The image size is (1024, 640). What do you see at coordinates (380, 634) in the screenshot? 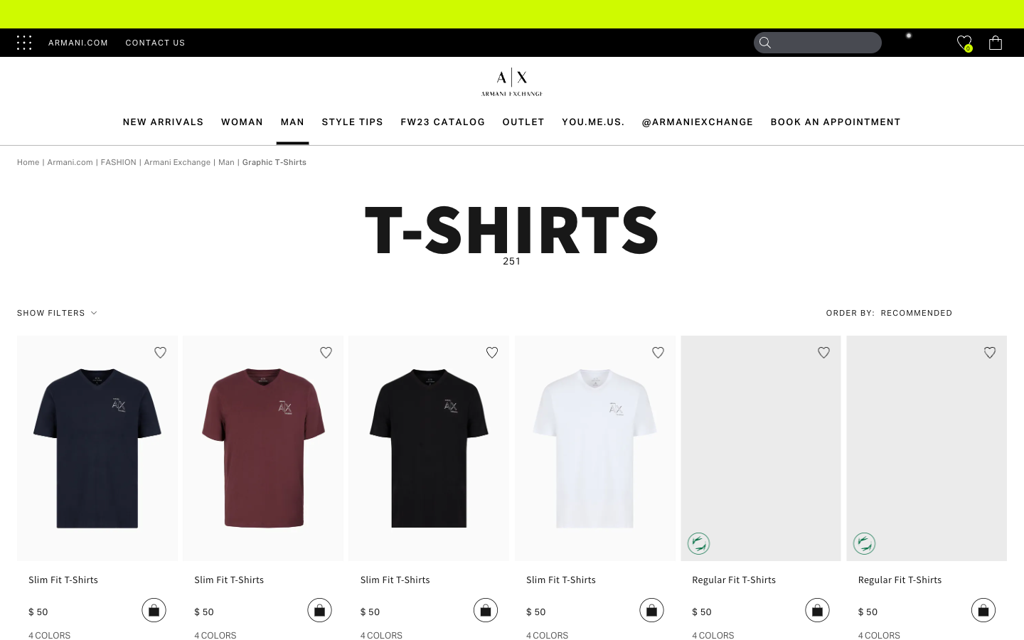
I see `Change the color selection for the T-shirt third from the left` at bounding box center [380, 634].